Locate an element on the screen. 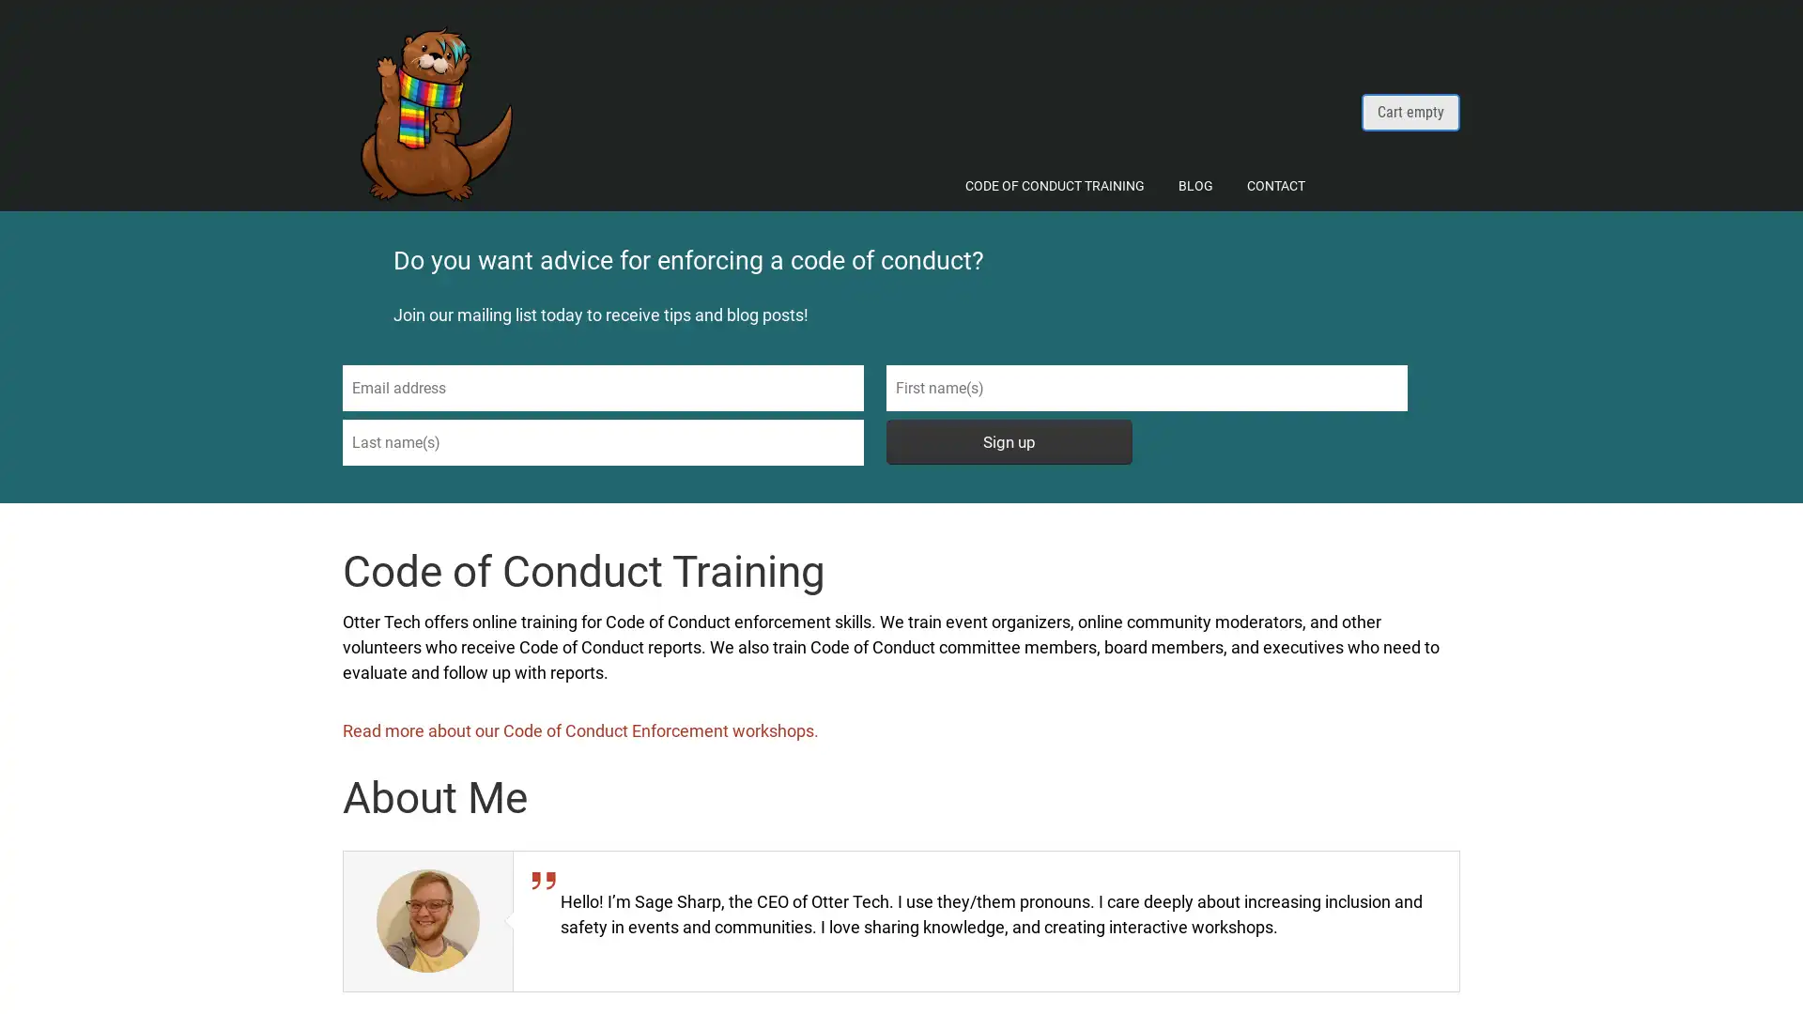 Image resolution: width=1803 pixels, height=1014 pixels. Sign up is located at coordinates (1336, 386).